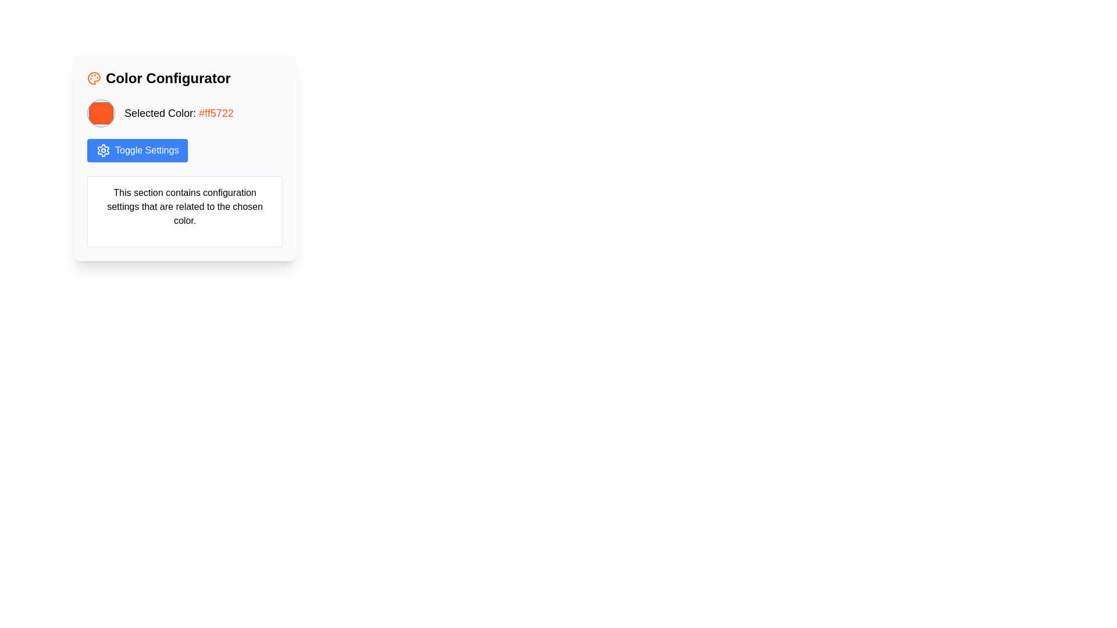 The image size is (1117, 628). I want to click on the white gear icon on the blue rectangular button labeled 'Toggle Settings', so click(103, 149).